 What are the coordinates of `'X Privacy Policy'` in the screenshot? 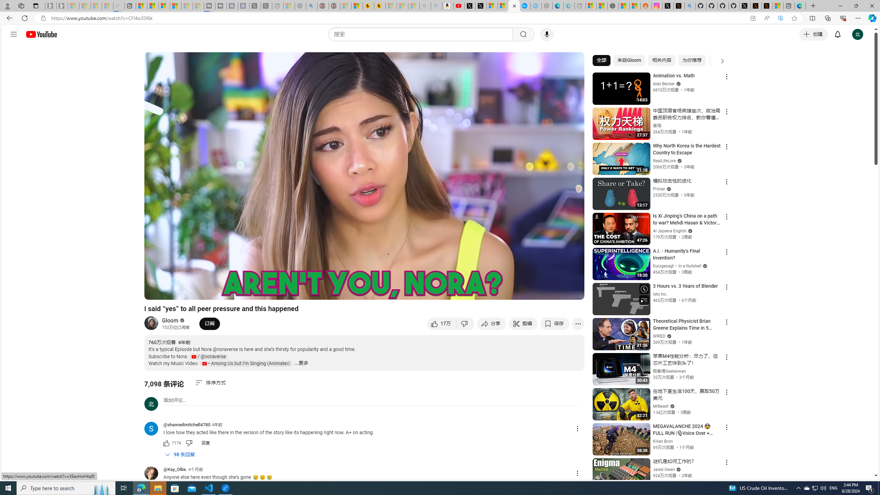 It's located at (767, 5).